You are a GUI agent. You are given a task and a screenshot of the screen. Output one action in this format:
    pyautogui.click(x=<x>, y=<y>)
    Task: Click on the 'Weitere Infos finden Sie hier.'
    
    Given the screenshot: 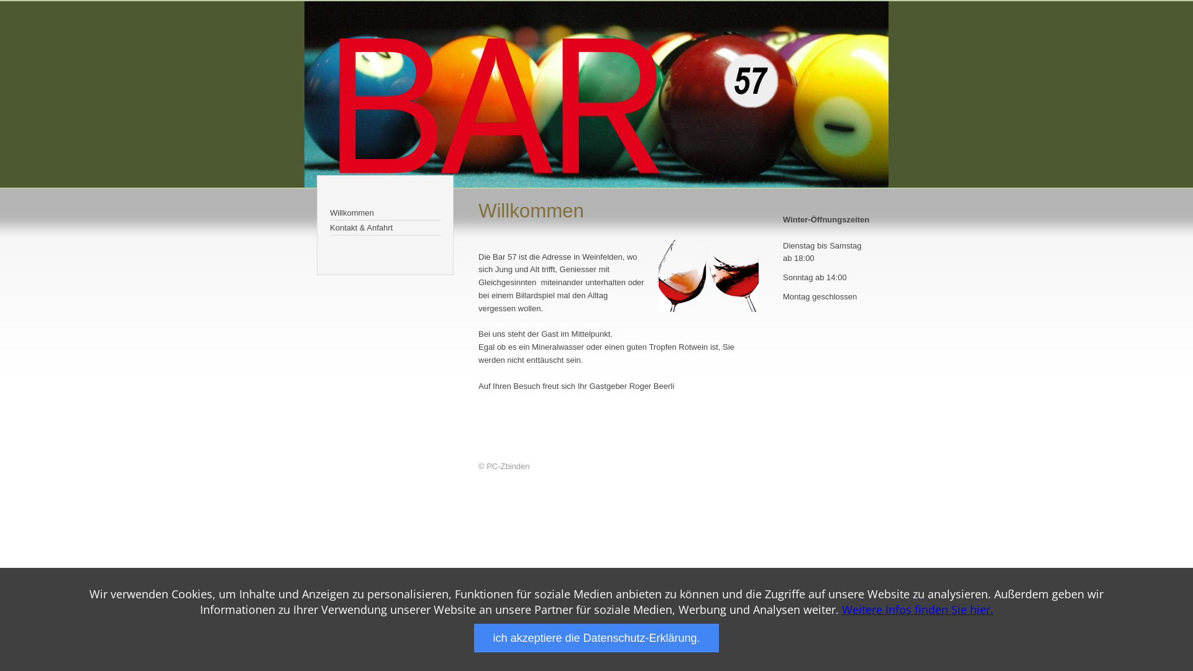 What is the action you would take?
    pyautogui.click(x=917, y=608)
    